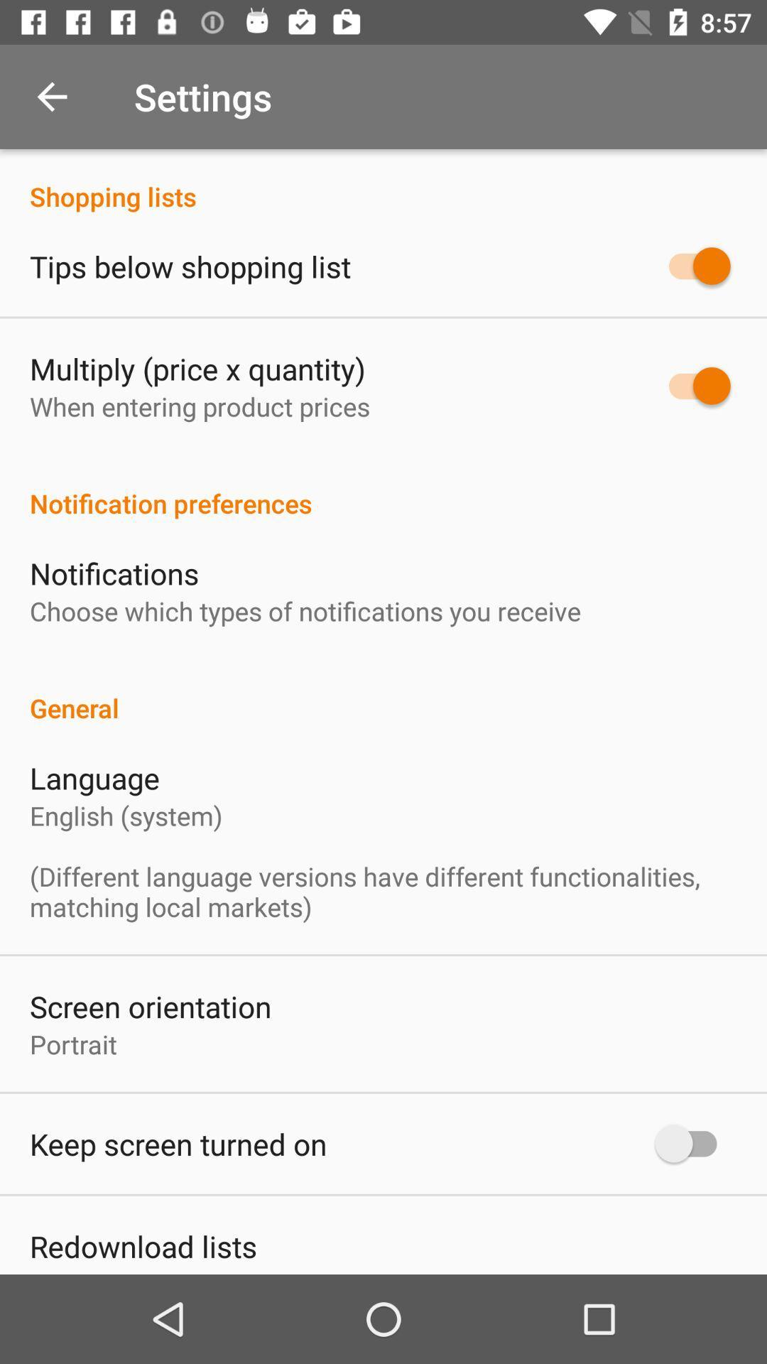  I want to click on icon above multiply price x icon, so click(190, 266).